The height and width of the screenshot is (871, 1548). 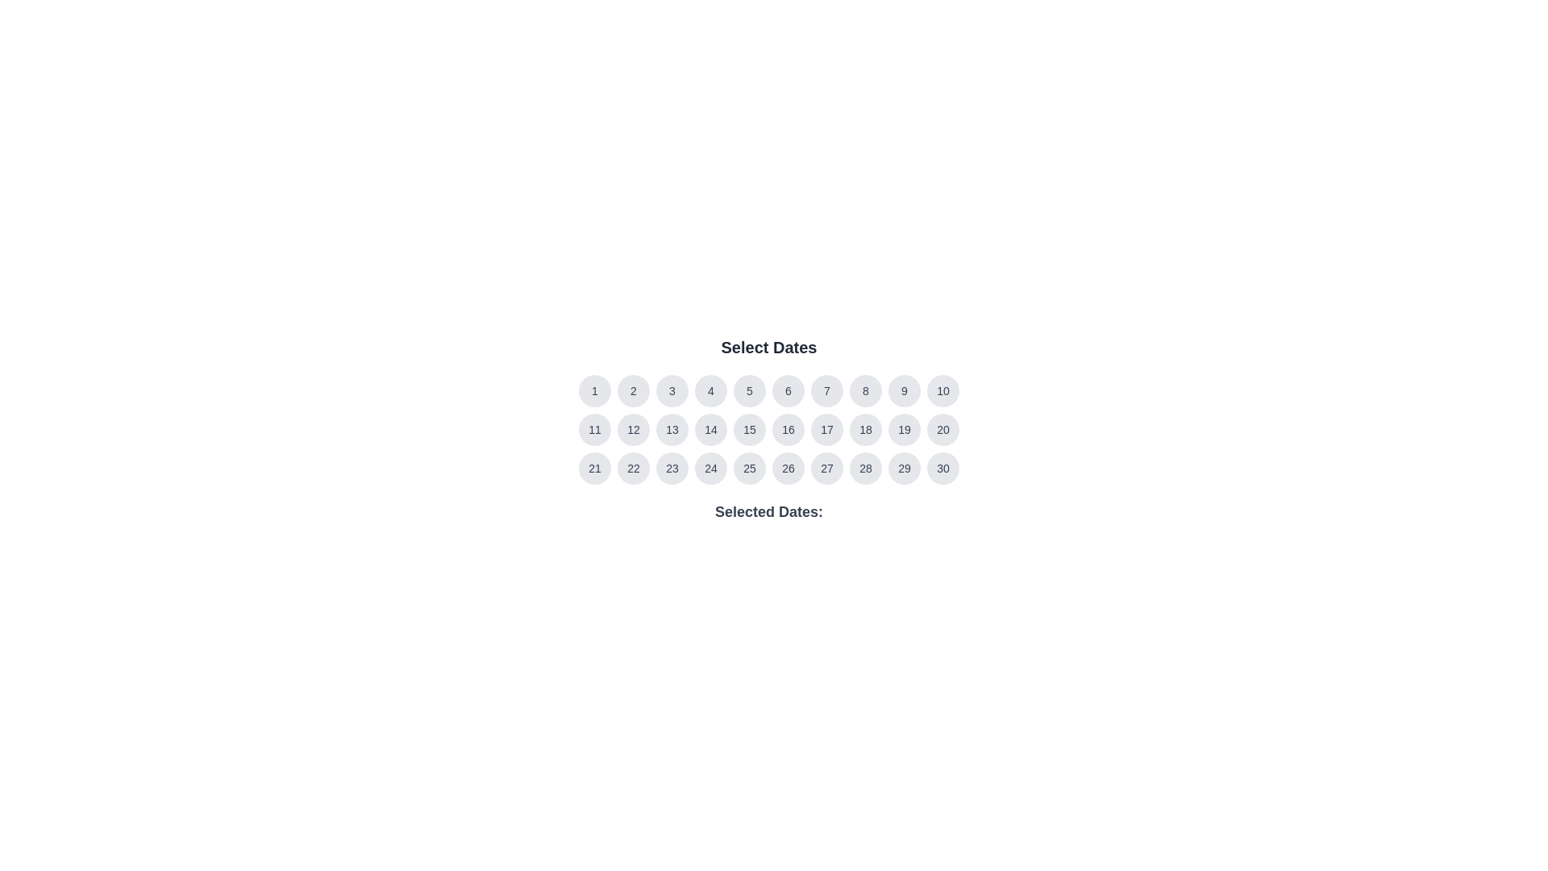 I want to click on the button that selects the date '16' in the date picker interface to trigger a tooltip or highlight effect, so click(x=789, y=428).